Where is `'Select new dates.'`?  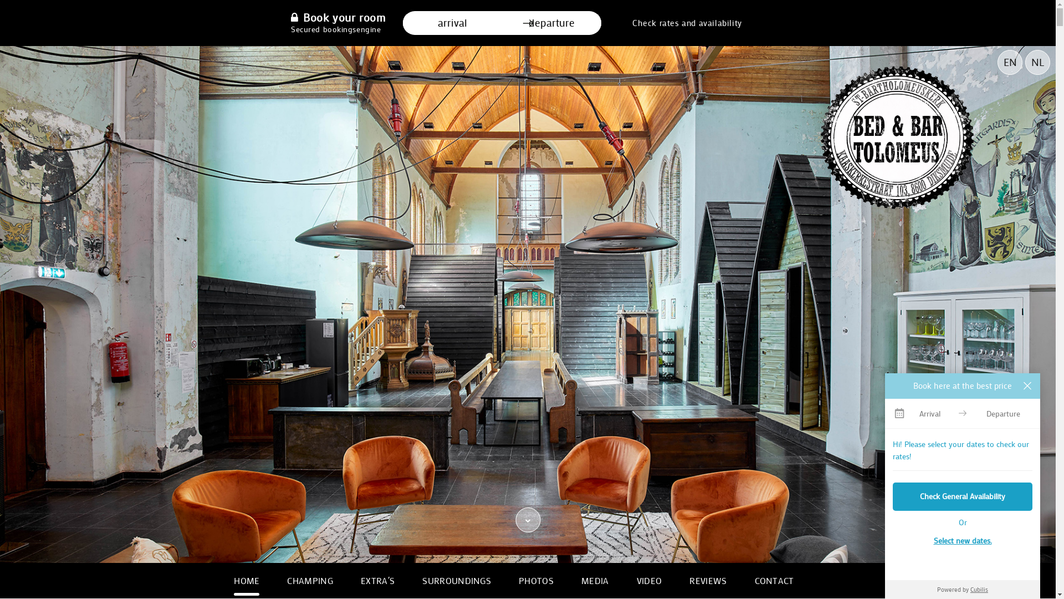 'Select new dates.' is located at coordinates (962, 540).